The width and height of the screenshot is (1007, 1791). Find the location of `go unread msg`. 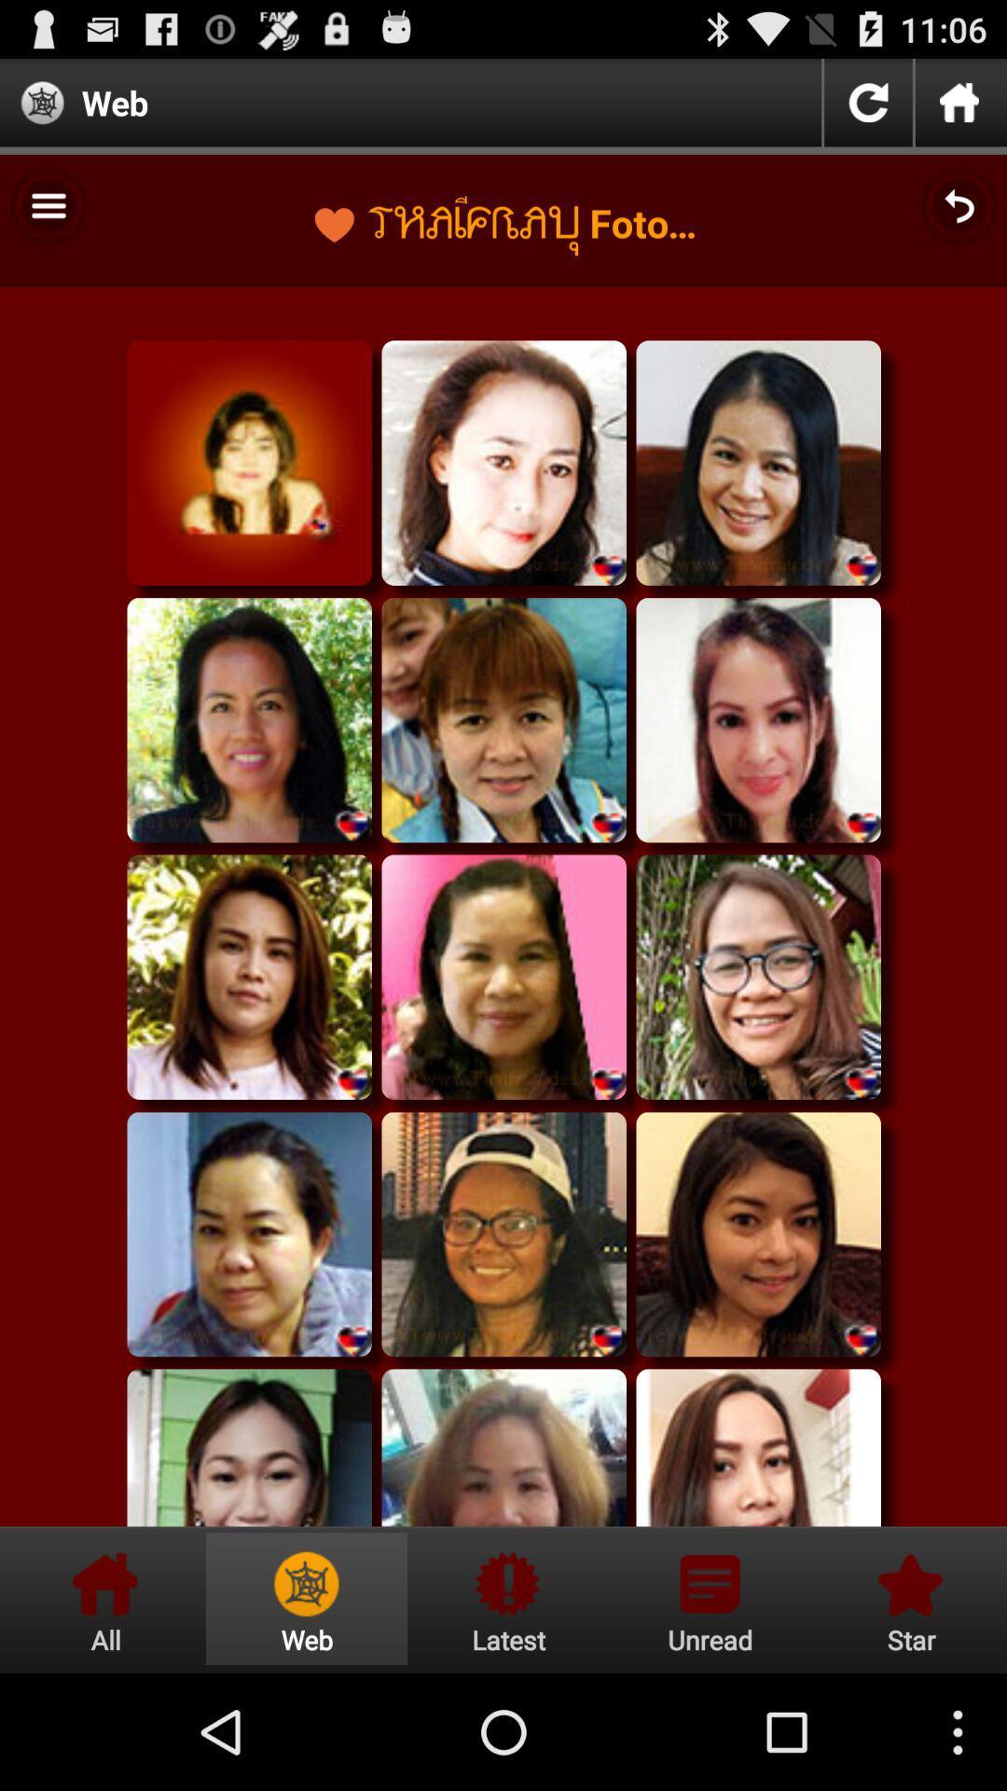

go unread msg is located at coordinates (710, 1598).